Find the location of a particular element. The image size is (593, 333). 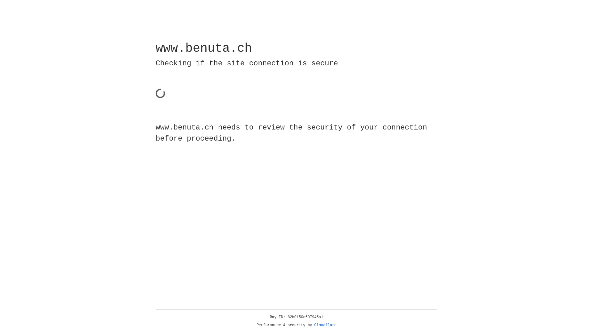

'Cloudflare' is located at coordinates (314, 325).